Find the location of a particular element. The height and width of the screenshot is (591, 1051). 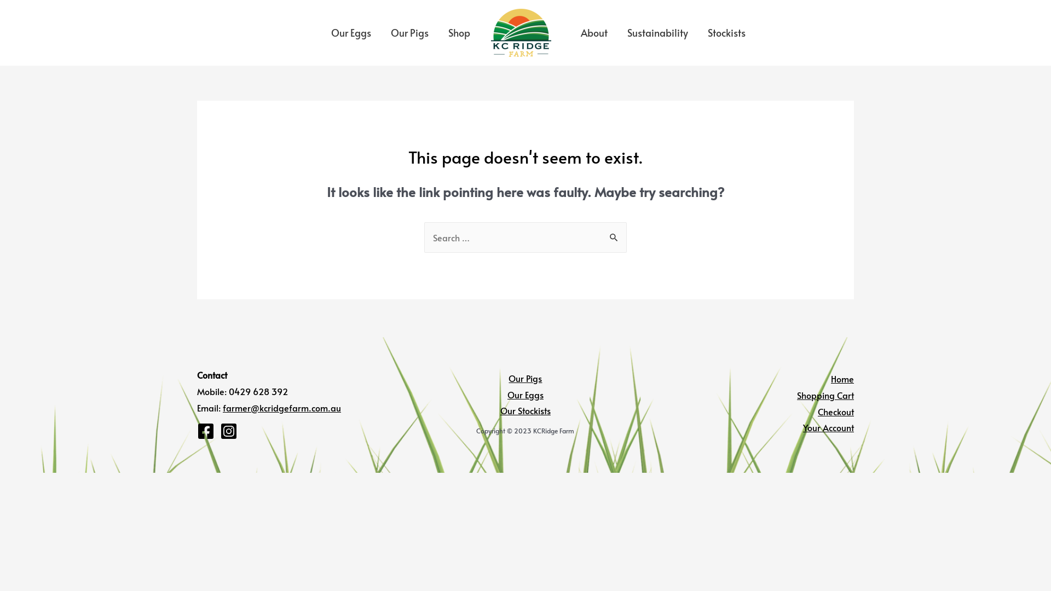

'Our Eggs' is located at coordinates (320, 32).